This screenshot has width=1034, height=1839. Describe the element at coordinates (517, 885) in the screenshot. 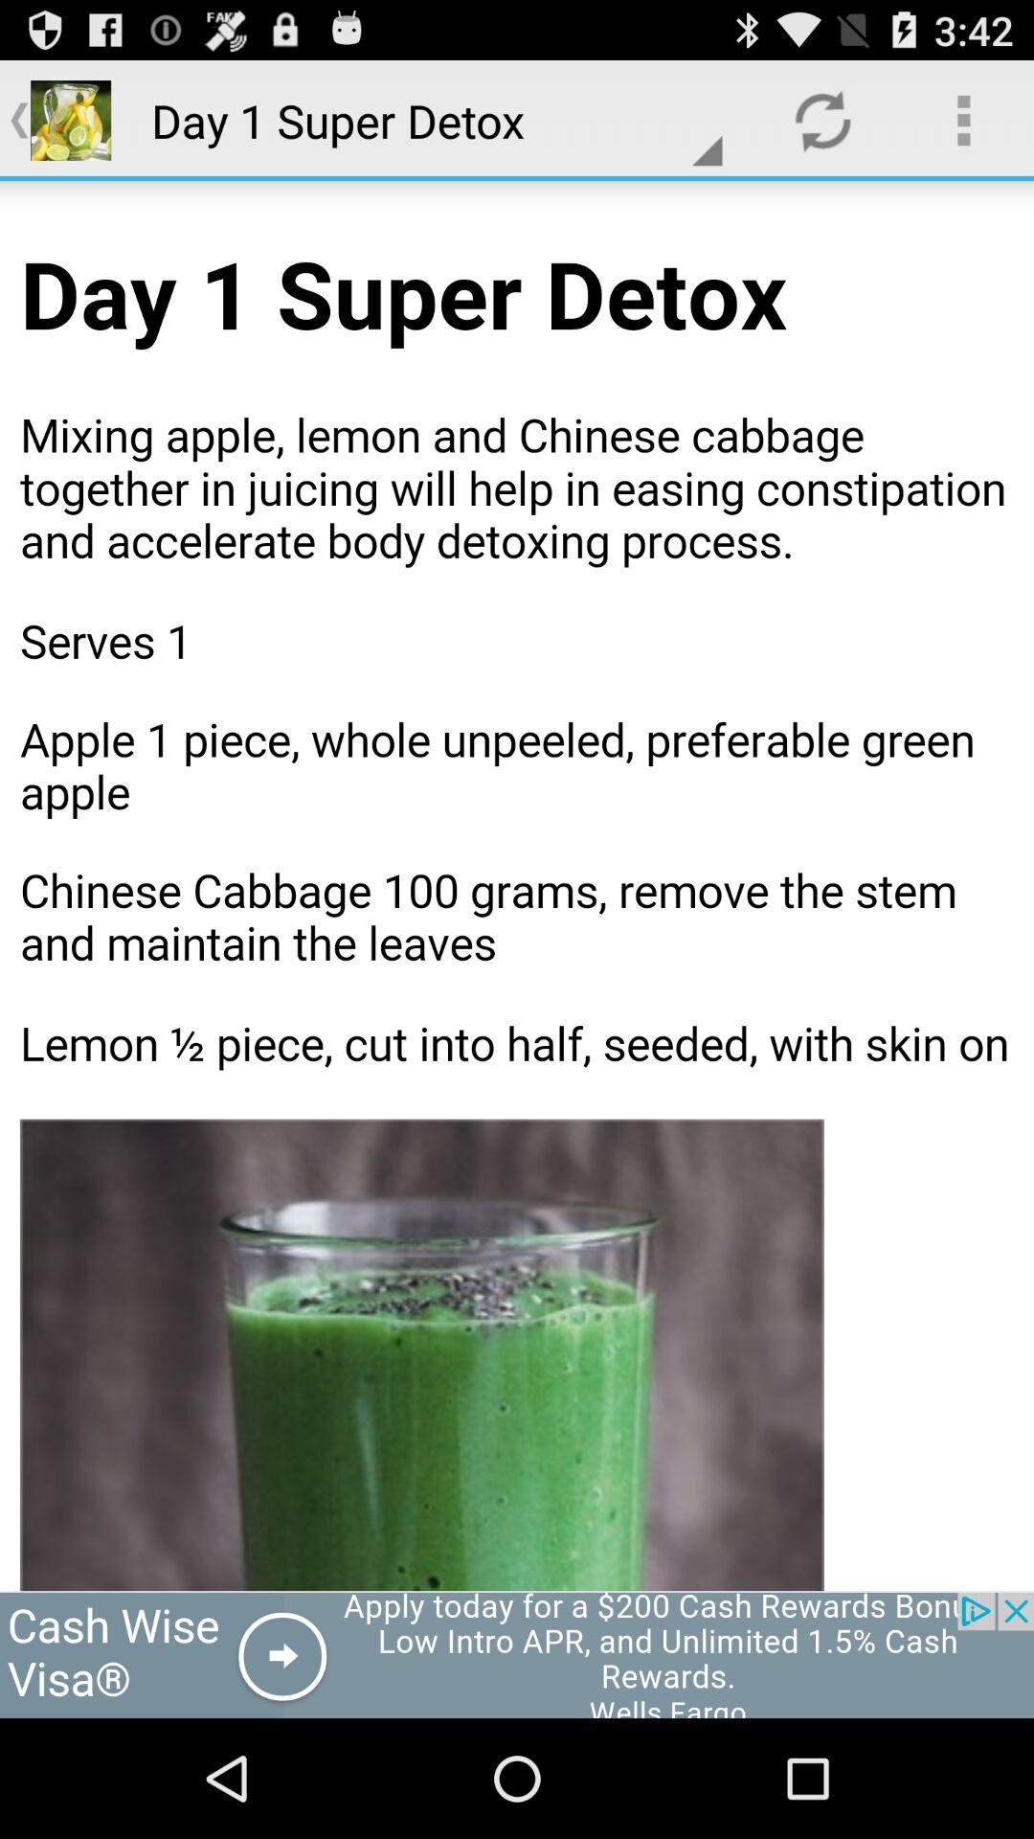

I see `day 1 super detox recipe` at that location.